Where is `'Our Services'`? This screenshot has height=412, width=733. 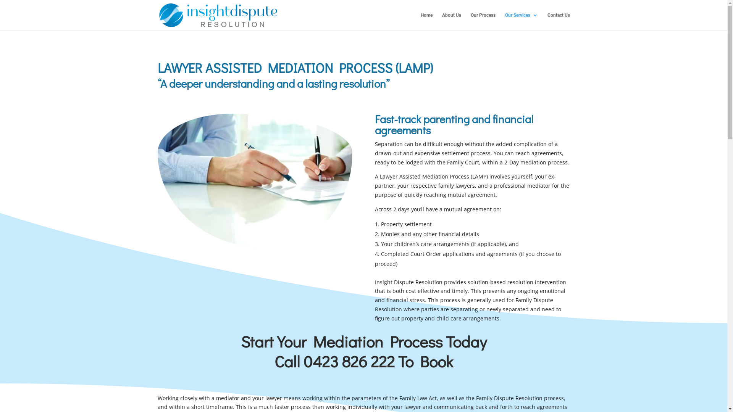 'Our Services' is located at coordinates (520, 21).